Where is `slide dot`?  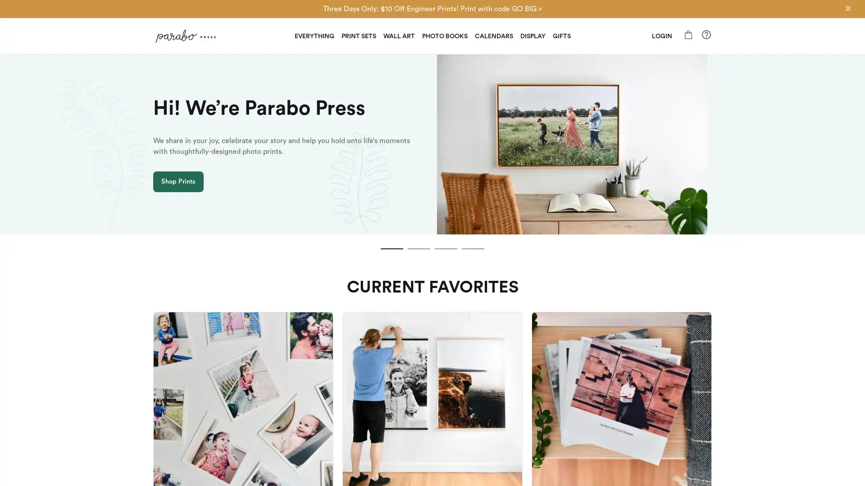 slide dot is located at coordinates (473, 248).